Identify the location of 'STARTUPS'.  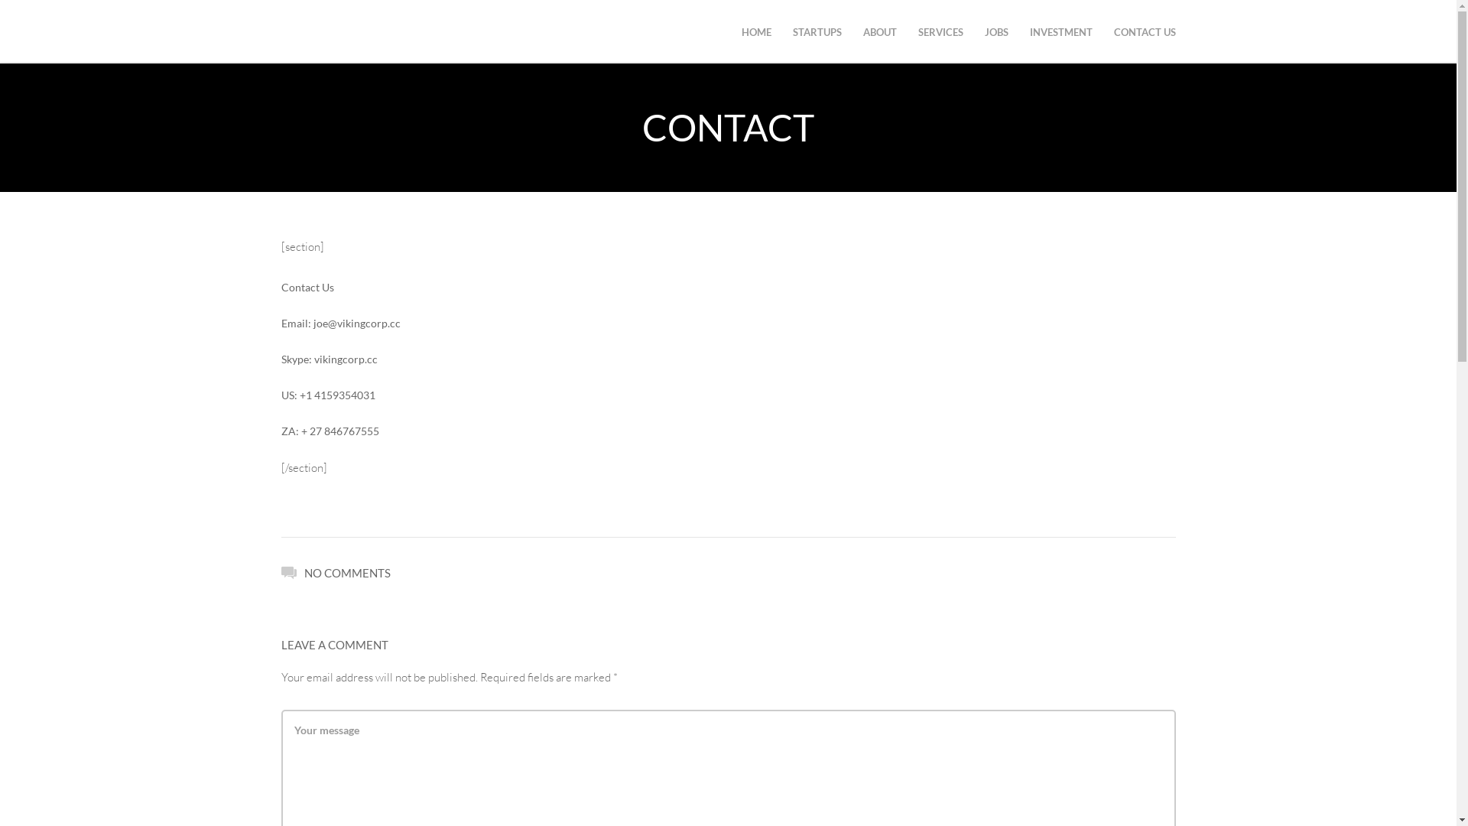
(792, 32).